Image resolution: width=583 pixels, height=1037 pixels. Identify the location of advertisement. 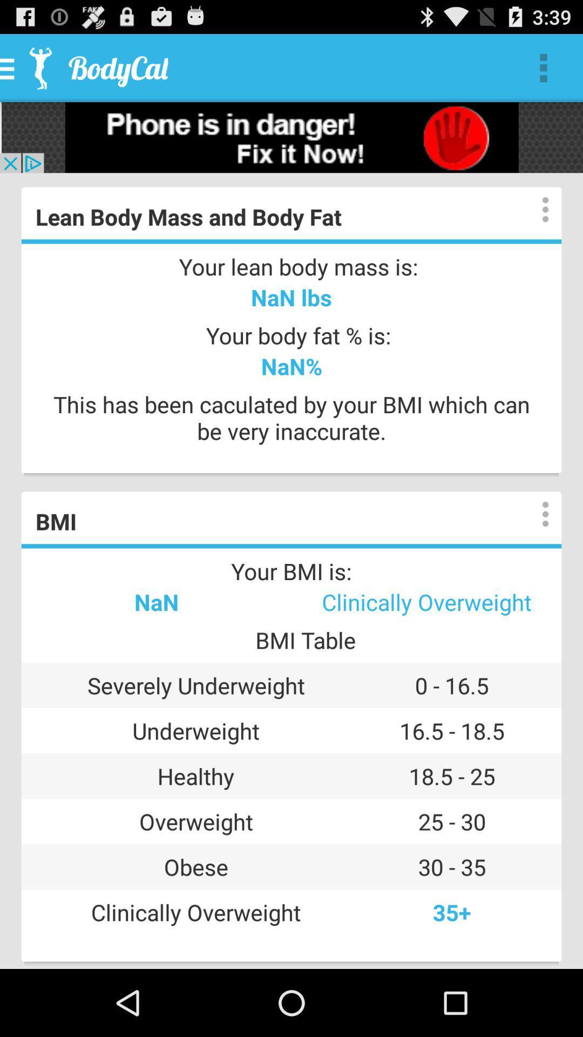
(291, 137).